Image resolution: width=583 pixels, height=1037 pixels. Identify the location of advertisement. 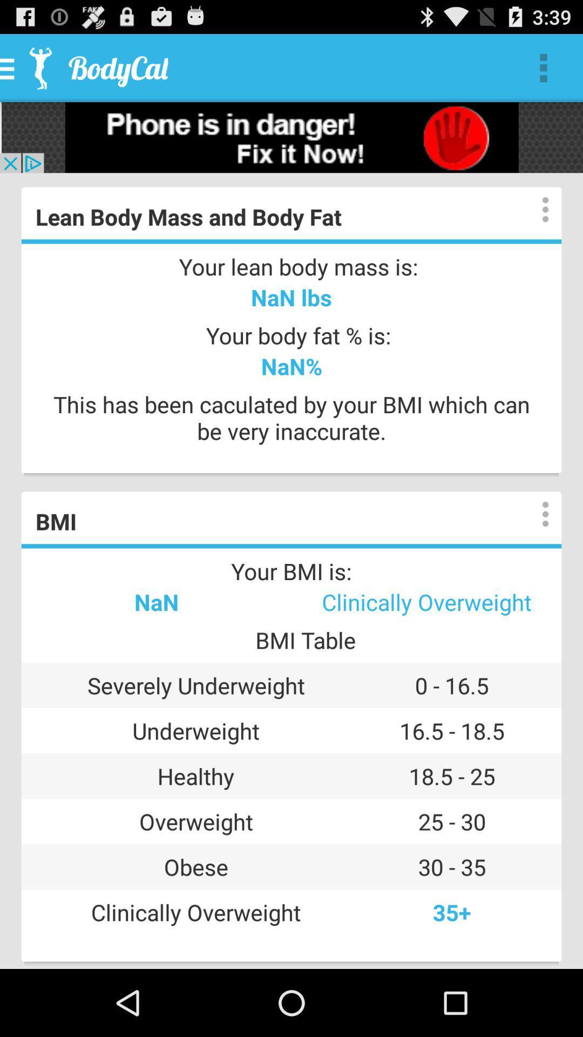
(291, 137).